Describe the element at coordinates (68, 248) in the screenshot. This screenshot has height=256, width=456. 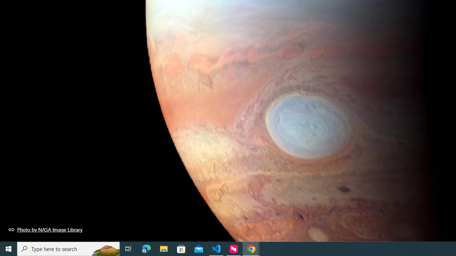
I see `'Type here to search'` at that location.